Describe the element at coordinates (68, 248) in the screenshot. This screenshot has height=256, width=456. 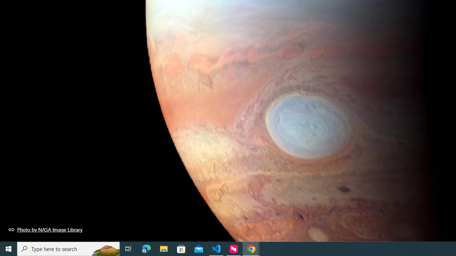
I see `'Type here to search'` at that location.